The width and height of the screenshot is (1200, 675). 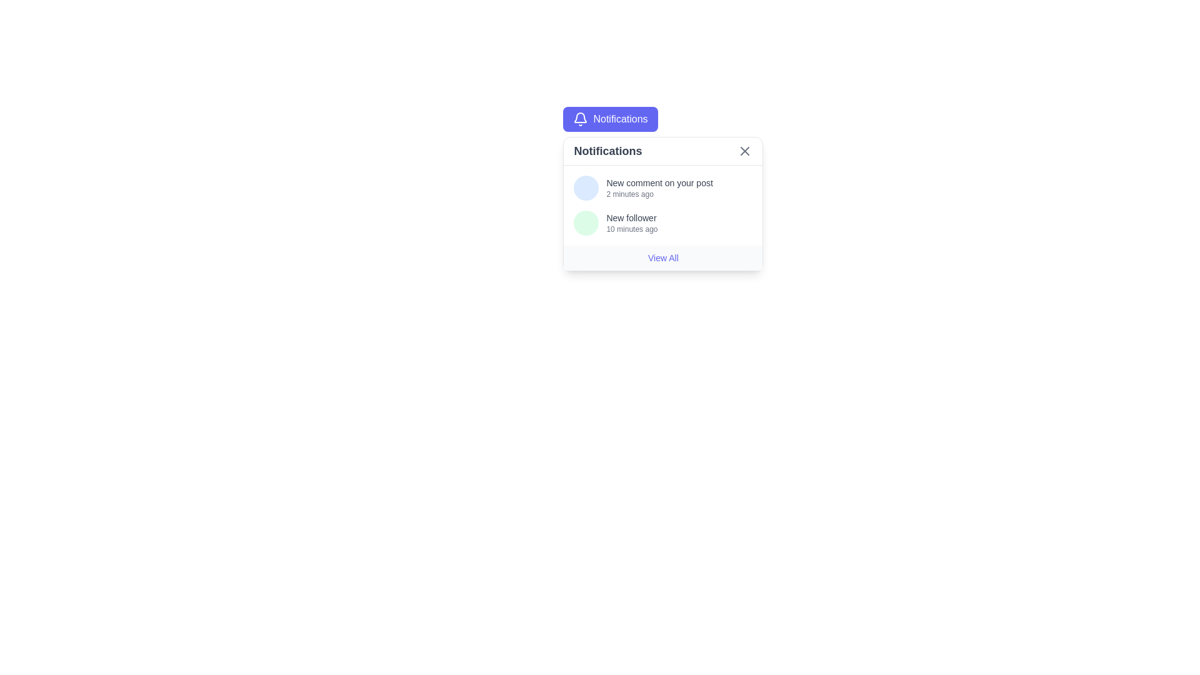 What do you see at coordinates (662, 257) in the screenshot?
I see `the 'View All' text link, which is indigo-colored and located at the bottom of the notification dropdown, to activate its hover effects` at bounding box center [662, 257].